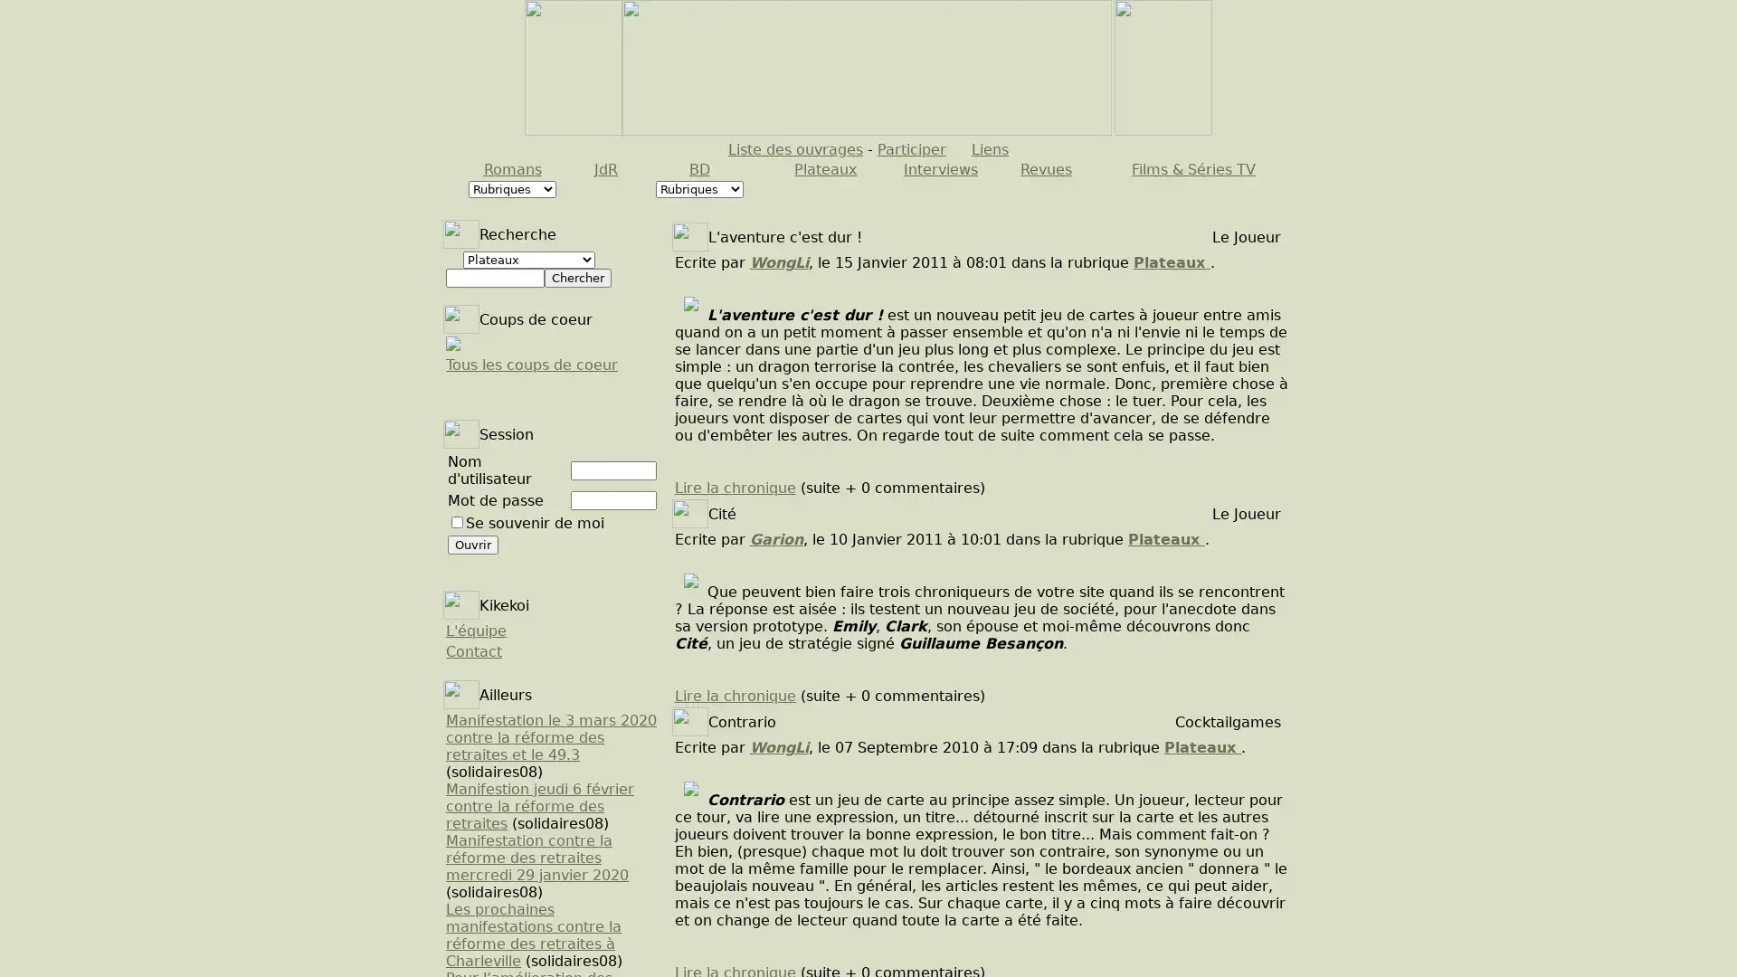 The image size is (1737, 977). I want to click on Ouvrir, so click(473, 544).